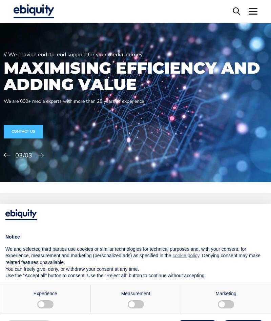  What do you see at coordinates (46, 238) in the screenshot?
I see `'Your Trusted'` at bounding box center [46, 238].